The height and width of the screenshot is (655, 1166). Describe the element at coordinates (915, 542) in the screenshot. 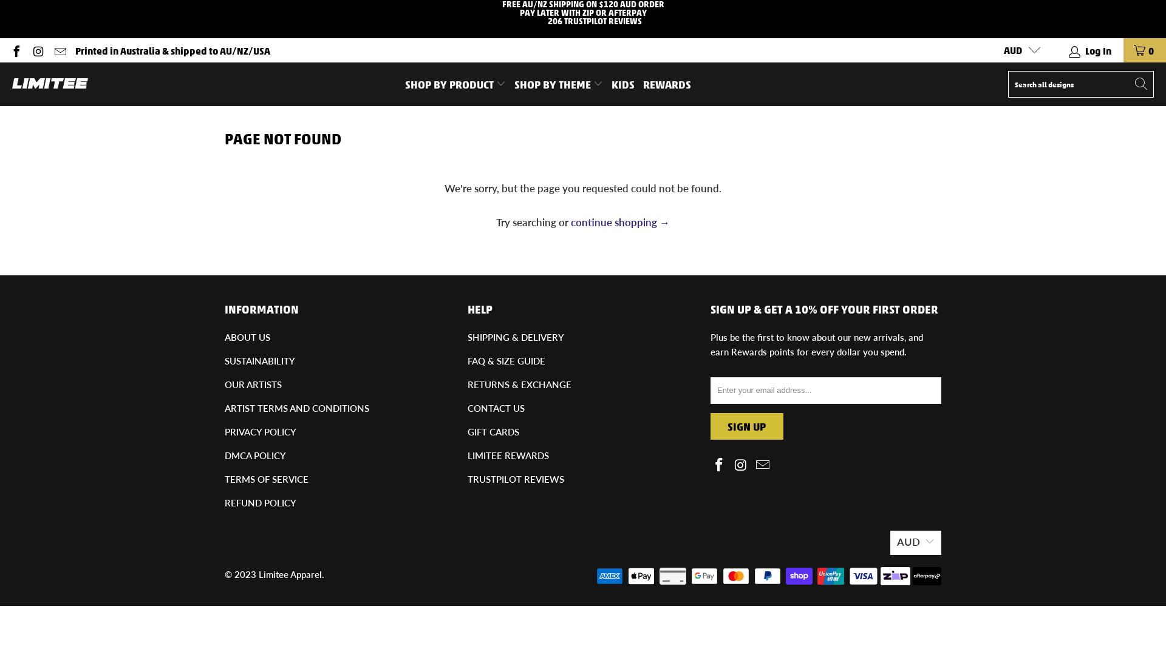

I see `'AUD'` at that location.